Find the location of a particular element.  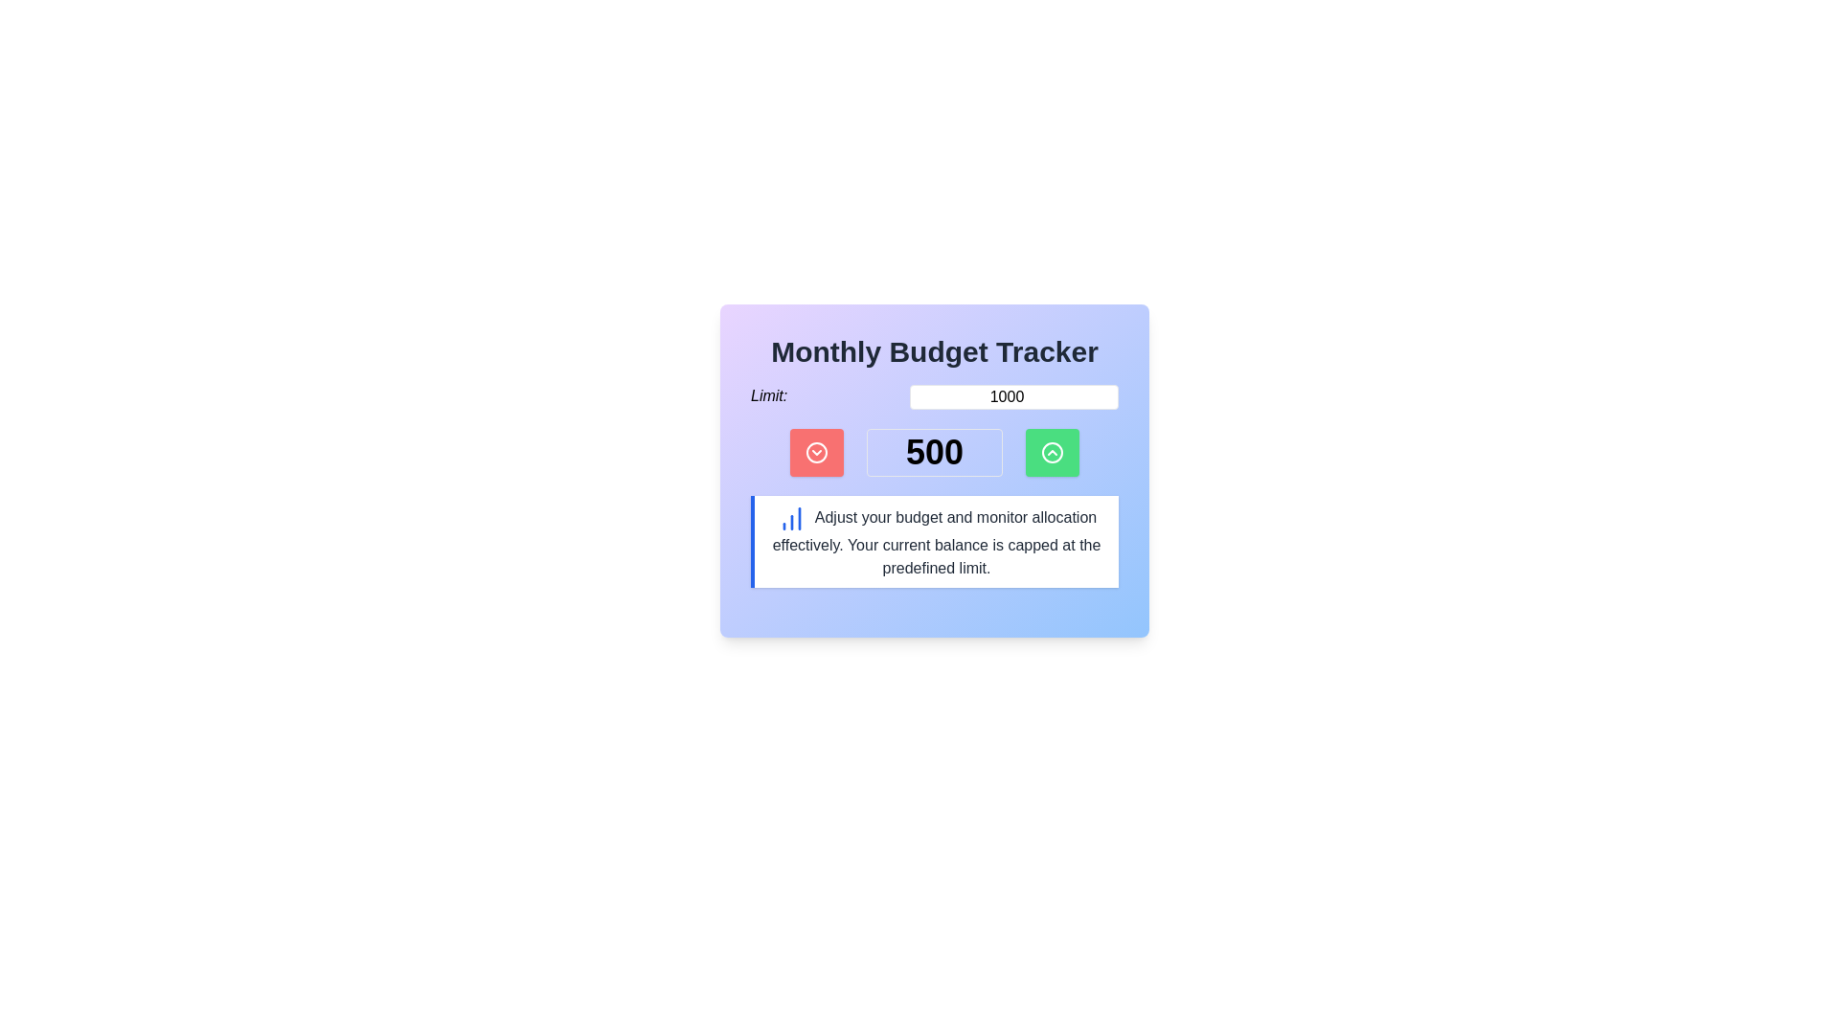

the static text display showing the current balance of '500' in the Monthly Budget Tracker interface, located centrally between the red and green buttons is located at coordinates (934, 453).